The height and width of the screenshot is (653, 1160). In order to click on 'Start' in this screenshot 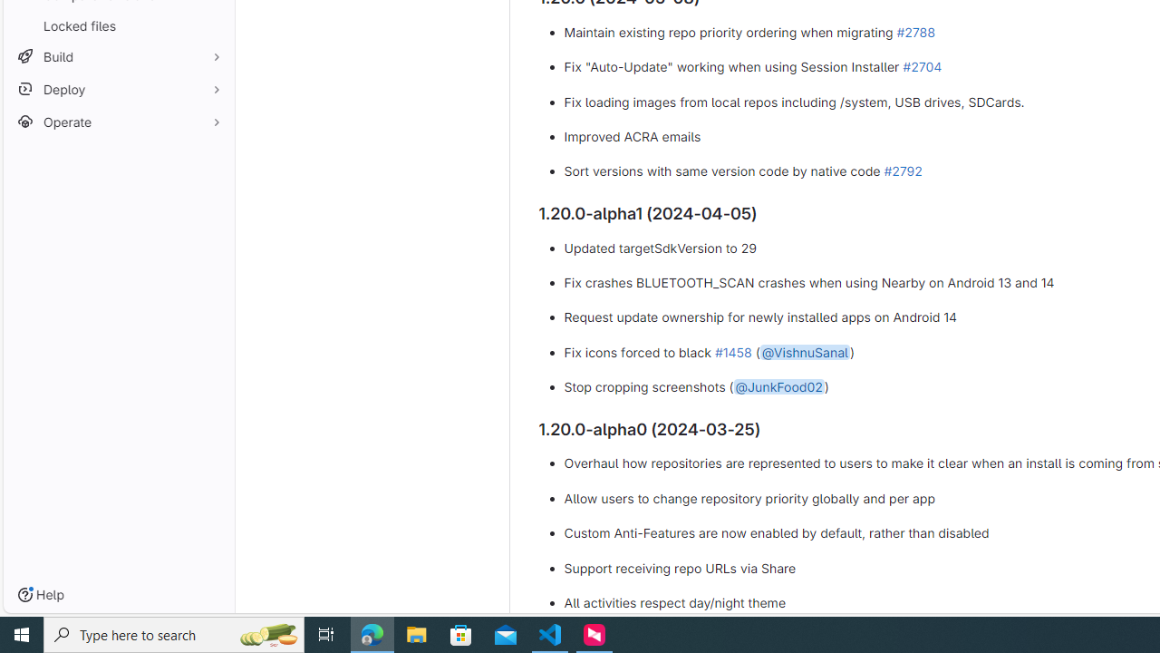, I will do `click(22, 633)`.